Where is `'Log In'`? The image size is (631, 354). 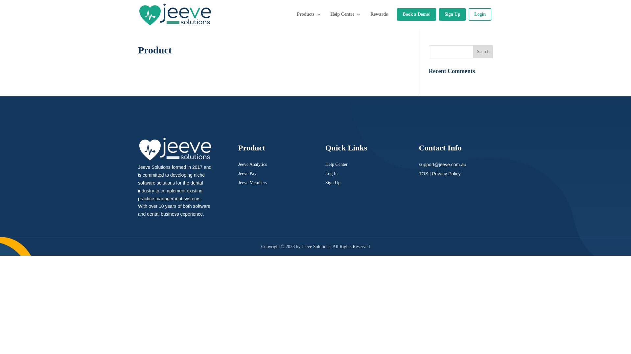
'Log In' is located at coordinates (325, 173).